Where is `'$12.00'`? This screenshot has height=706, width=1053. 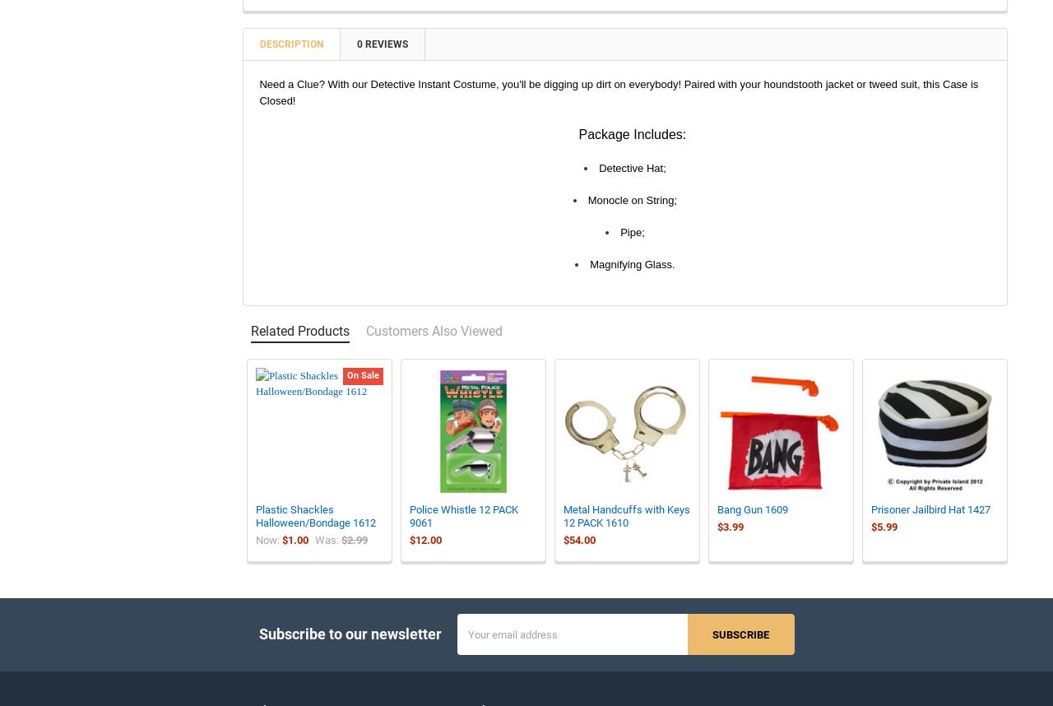 '$12.00' is located at coordinates (409, 550).